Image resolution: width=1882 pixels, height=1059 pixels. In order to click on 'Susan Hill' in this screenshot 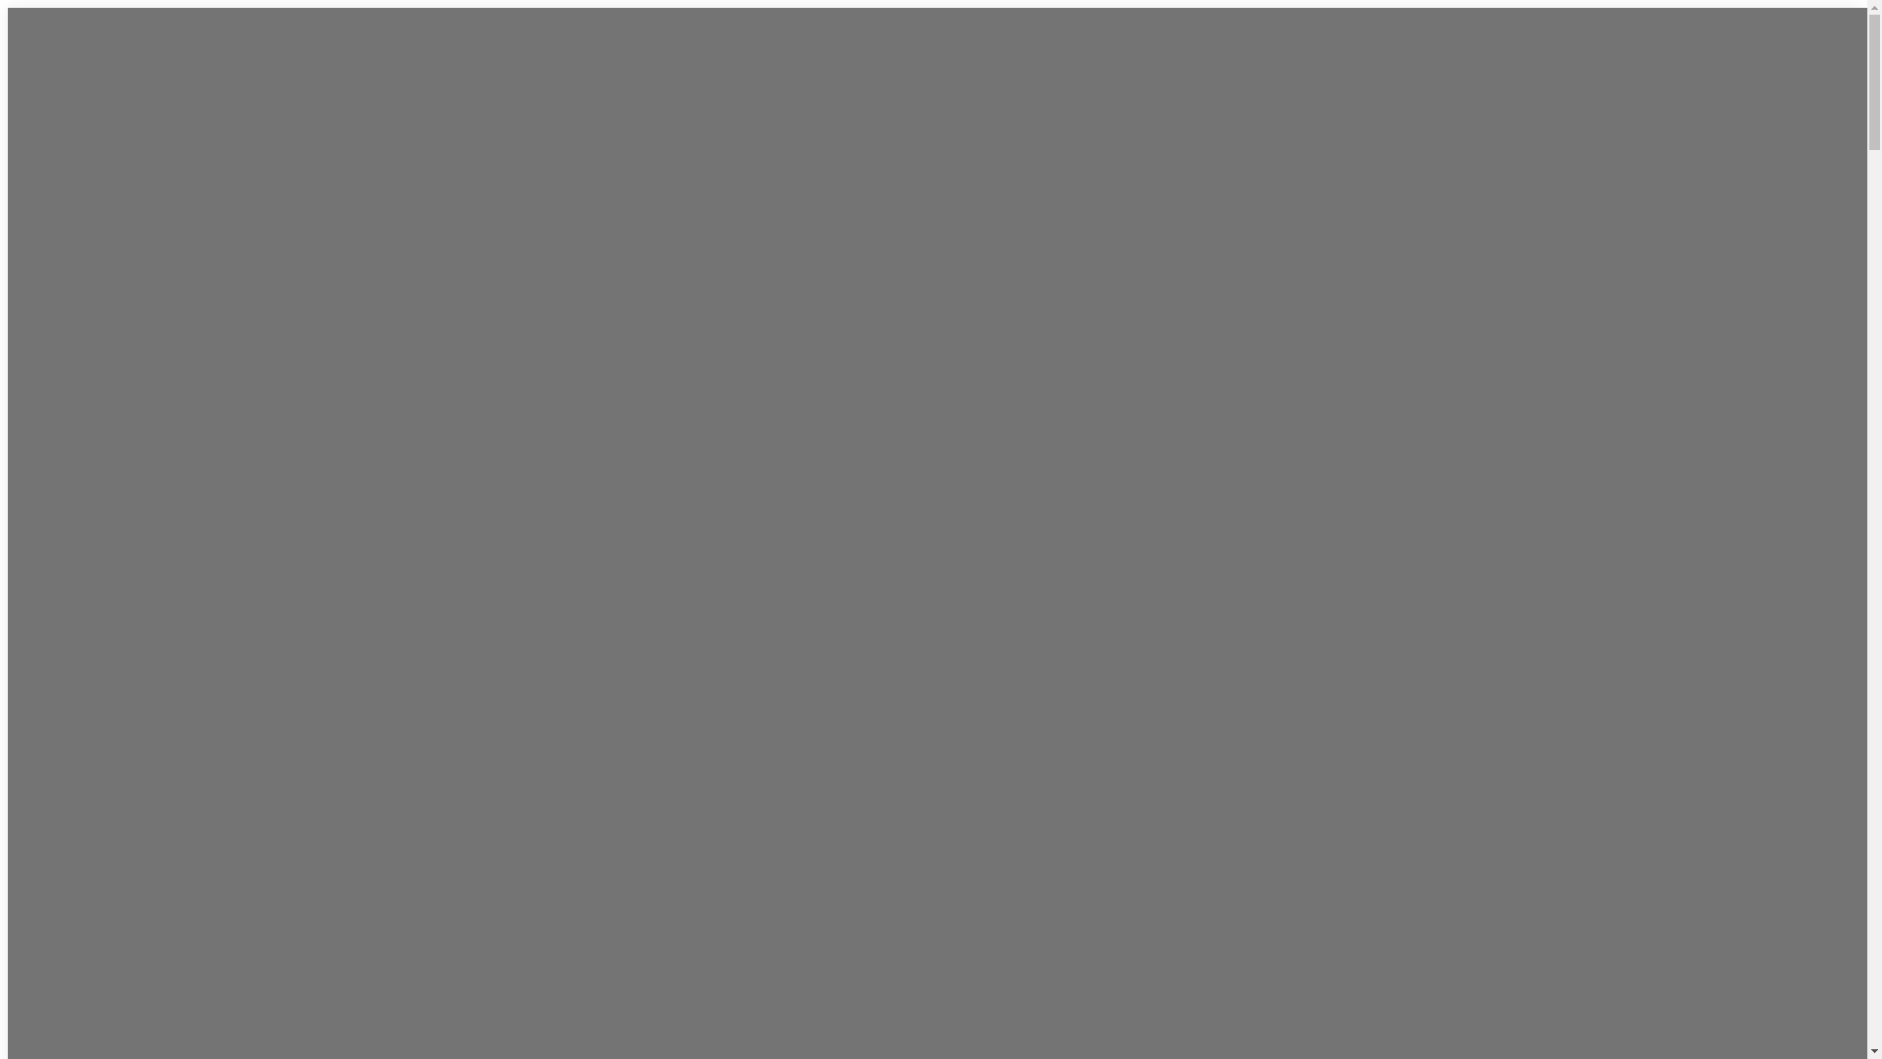, I will do `click(854, 501)`.